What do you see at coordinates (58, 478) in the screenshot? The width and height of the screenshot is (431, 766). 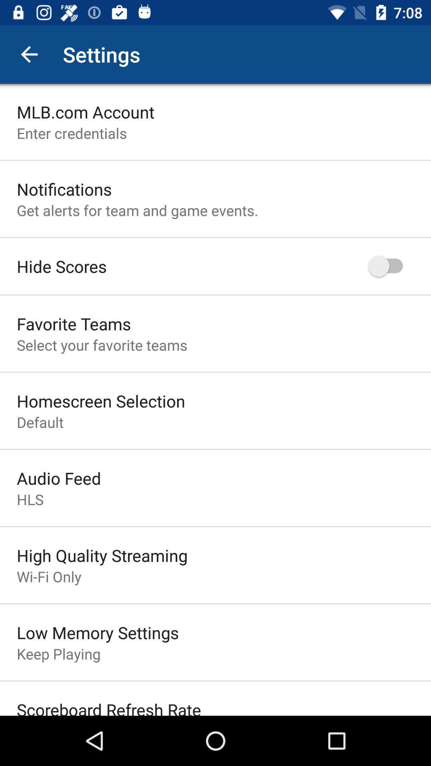 I see `item below default icon` at bounding box center [58, 478].